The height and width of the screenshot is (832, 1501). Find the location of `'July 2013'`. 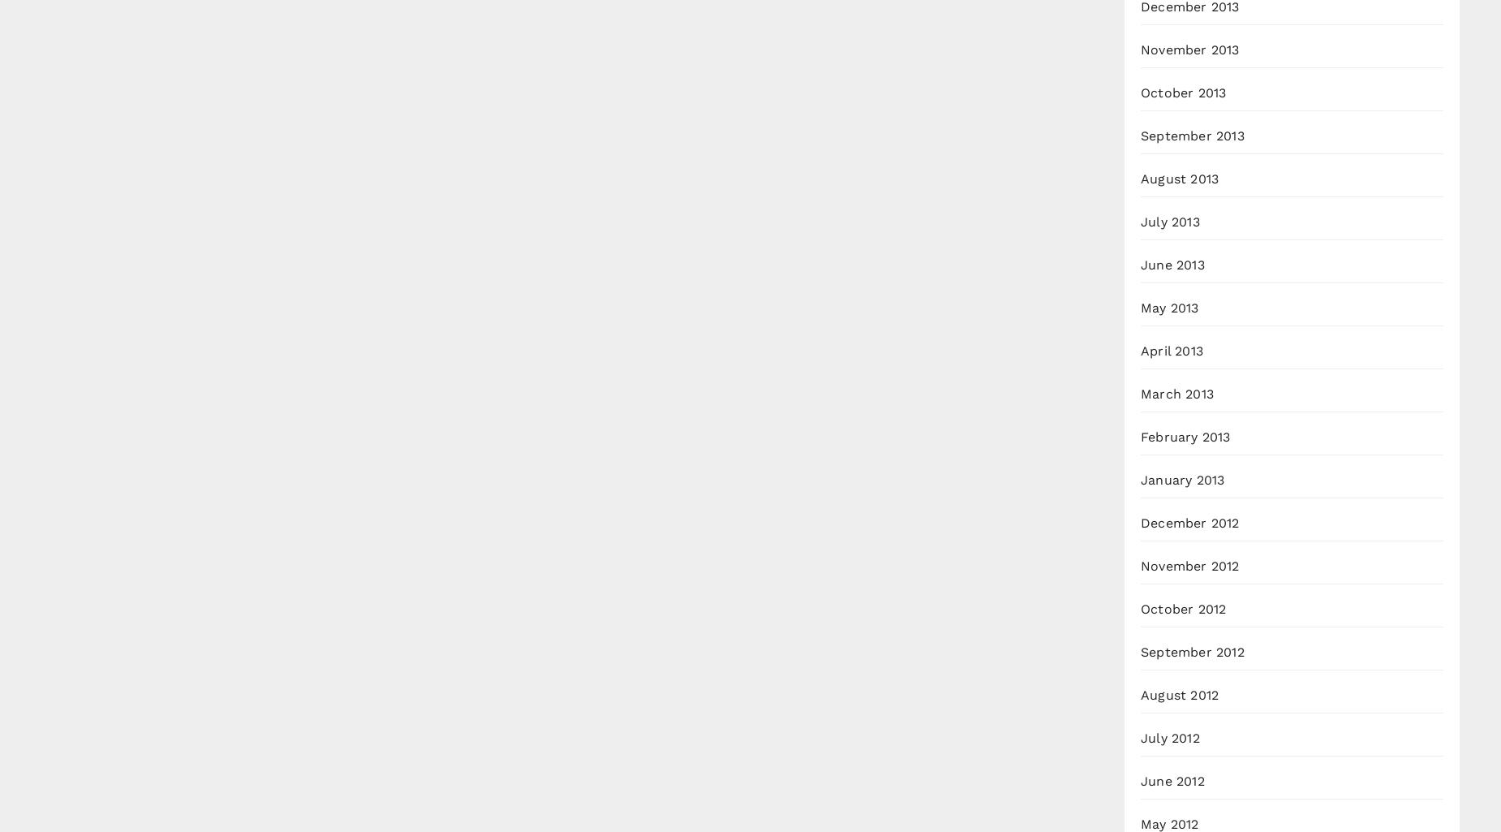

'July 2013' is located at coordinates (1170, 221).